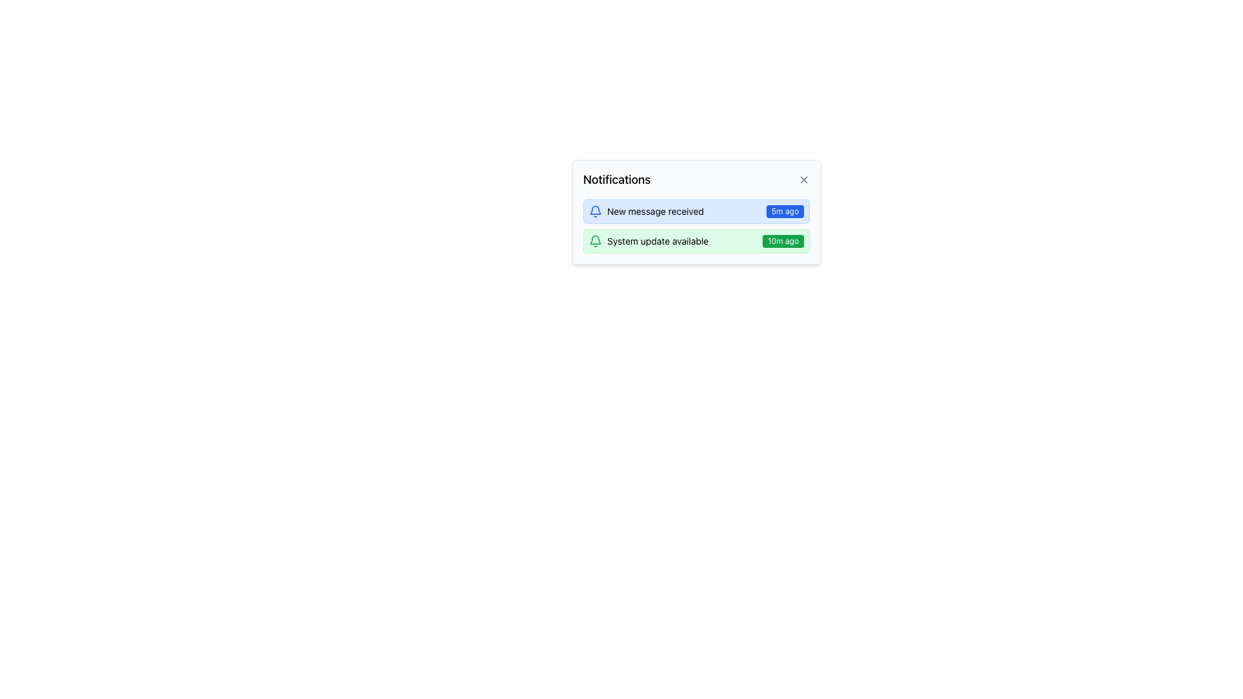  Describe the element at coordinates (784, 211) in the screenshot. I see `the timestamp label that provides information about the time elapsed since the event occurred, positioned to the right of the 'New message received' text in the notification card` at that location.